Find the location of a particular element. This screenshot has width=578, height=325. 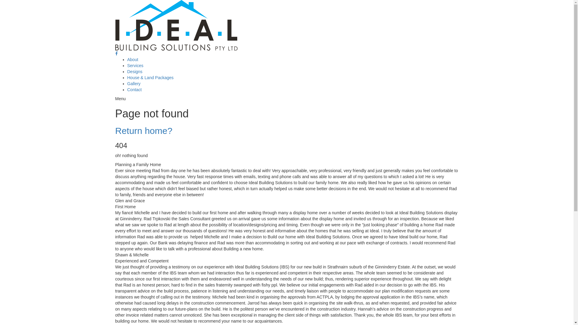

'House & Land Packages' is located at coordinates (150, 77).